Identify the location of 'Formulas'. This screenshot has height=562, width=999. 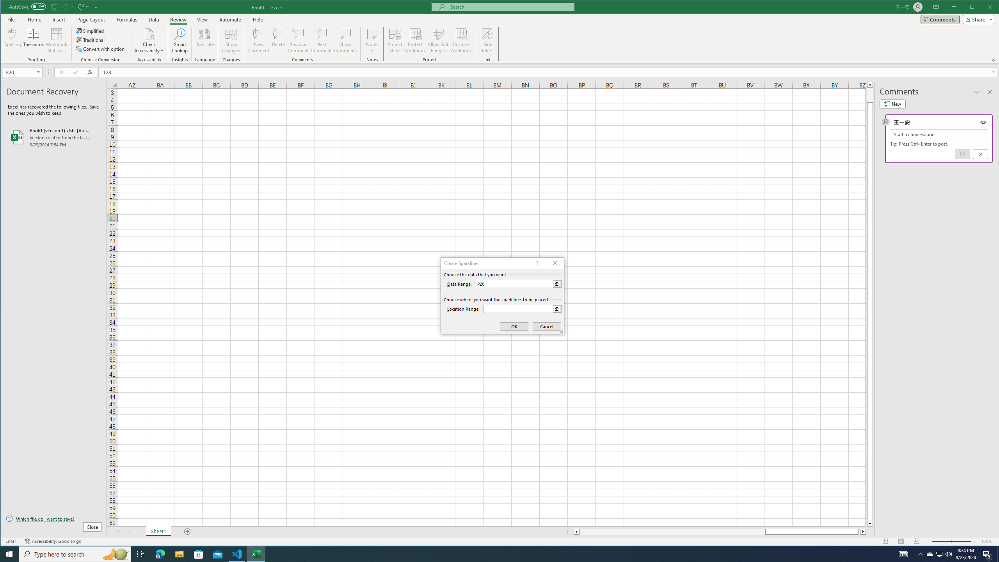
(127, 19).